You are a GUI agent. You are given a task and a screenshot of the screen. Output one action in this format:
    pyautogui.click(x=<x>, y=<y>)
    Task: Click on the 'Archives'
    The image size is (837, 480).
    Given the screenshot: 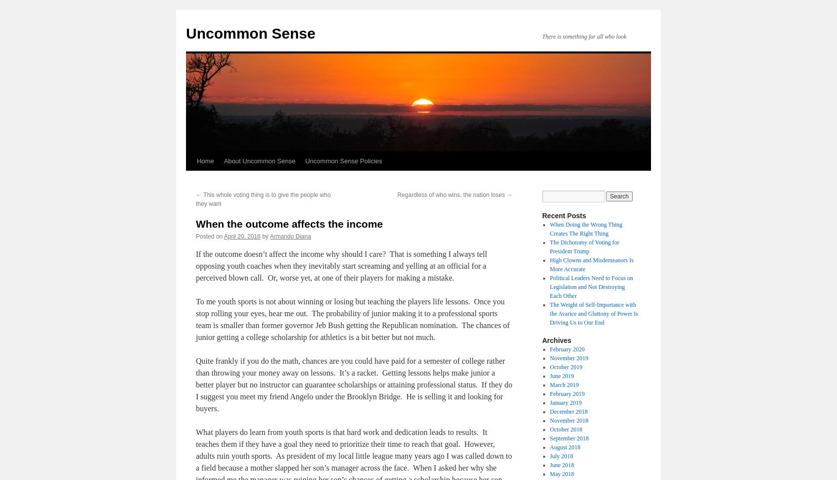 What is the action you would take?
    pyautogui.click(x=542, y=340)
    